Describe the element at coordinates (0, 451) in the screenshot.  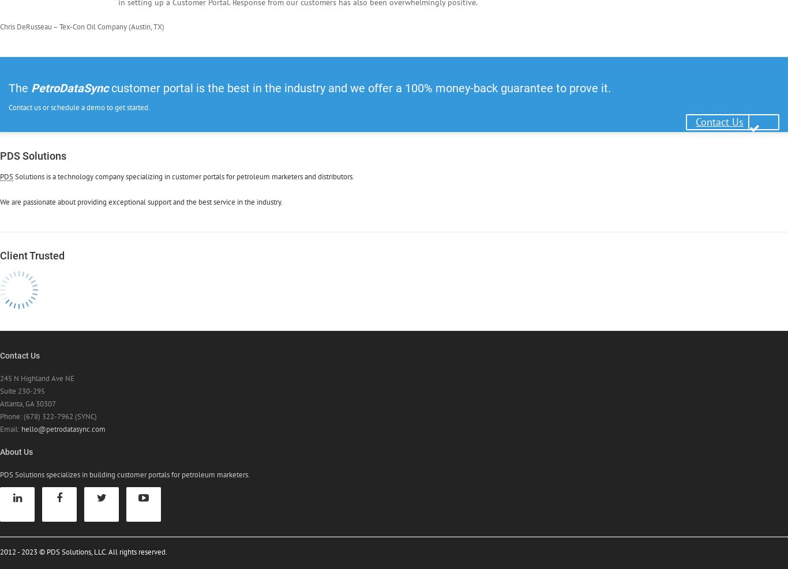
I see `'About us'` at that location.